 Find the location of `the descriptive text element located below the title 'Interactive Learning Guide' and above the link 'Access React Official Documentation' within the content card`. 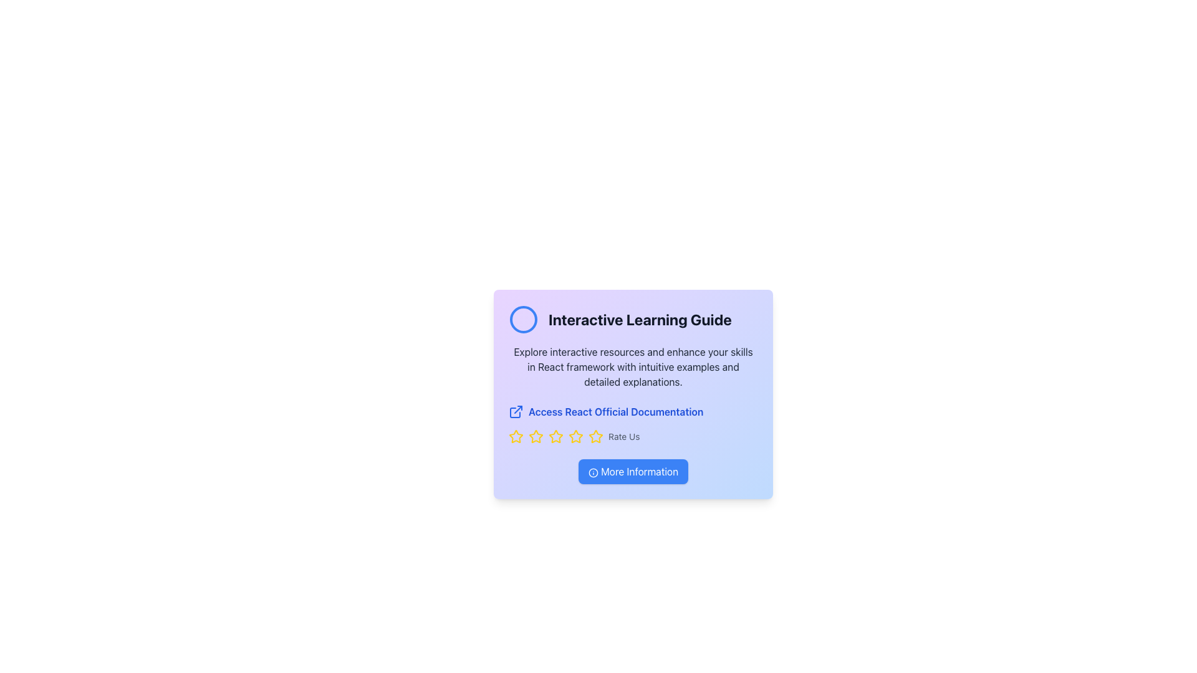

the descriptive text element located below the title 'Interactive Learning Guide' and above the link 'Access React Official Documentation' within the content card is located at coordinates (633, 366).